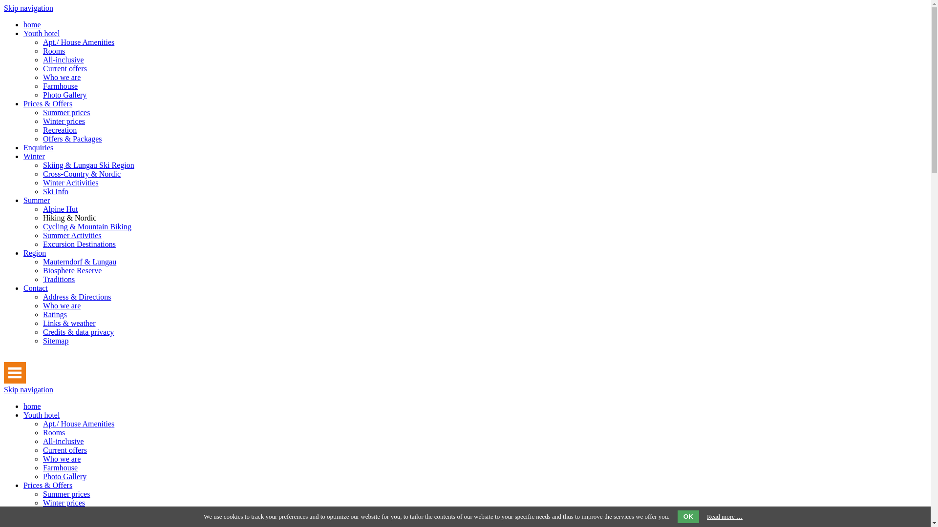  Describe the element at coordinates (63, 121) in the screenshot. I see `'Winter prices'` at that location.